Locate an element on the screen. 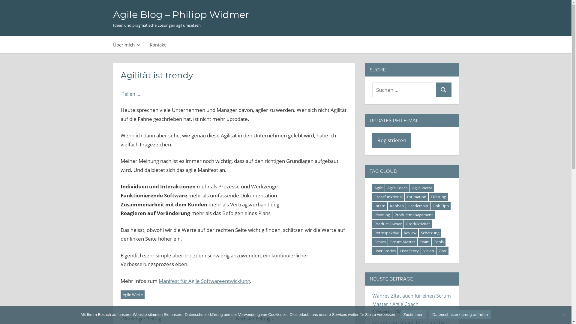  'Ablehnen' is located at coordinates (564, 314).